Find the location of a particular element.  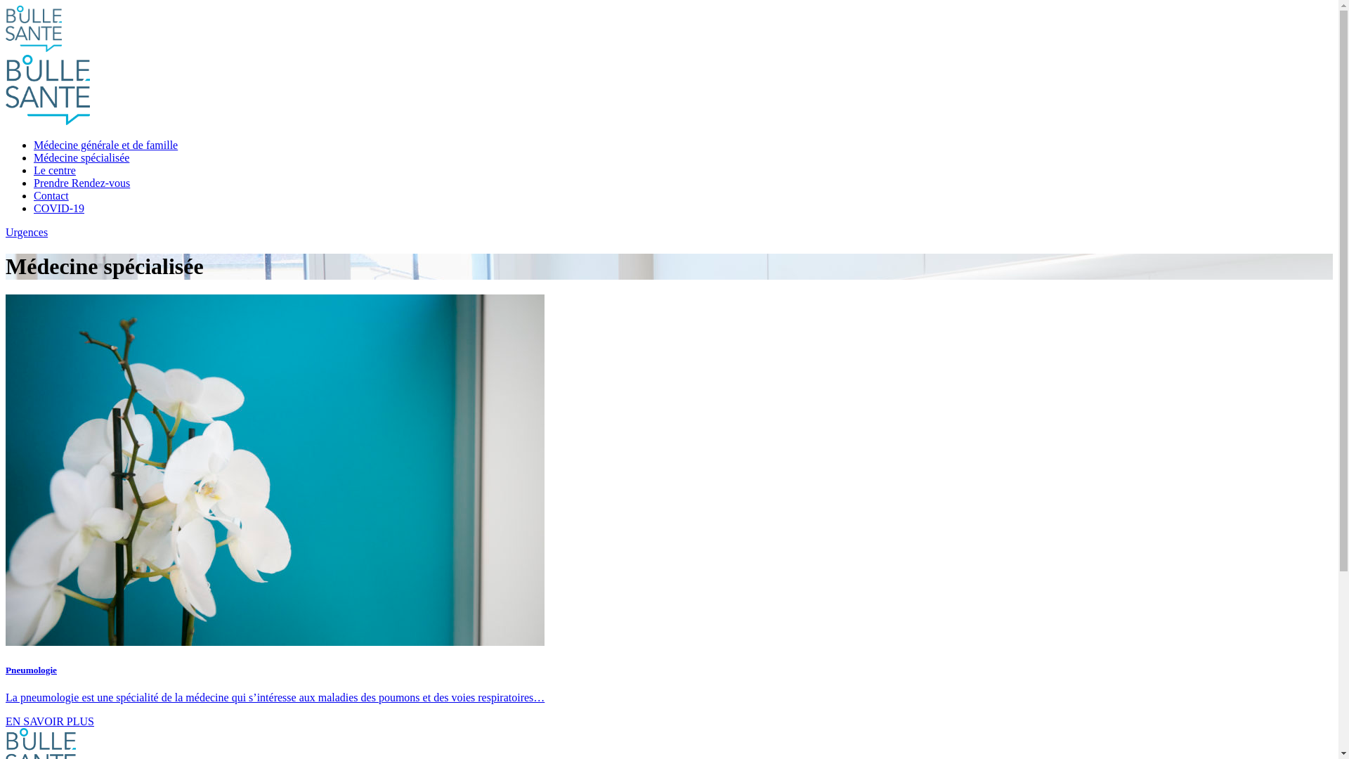

'Le centre' is located at coordinates (54, 169).